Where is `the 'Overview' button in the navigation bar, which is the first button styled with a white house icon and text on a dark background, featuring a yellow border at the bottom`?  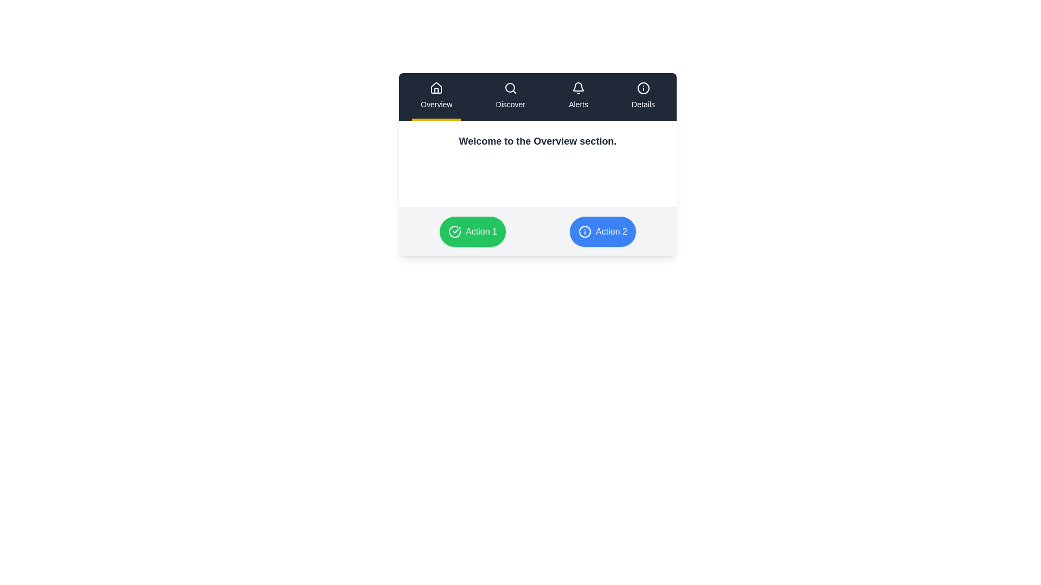 the 'Overview' button in the navigation bar, which is the first button styled with a white house icon and text on a dark background, featuring a yellow border at the bottom is located at coordinates (436, 96).